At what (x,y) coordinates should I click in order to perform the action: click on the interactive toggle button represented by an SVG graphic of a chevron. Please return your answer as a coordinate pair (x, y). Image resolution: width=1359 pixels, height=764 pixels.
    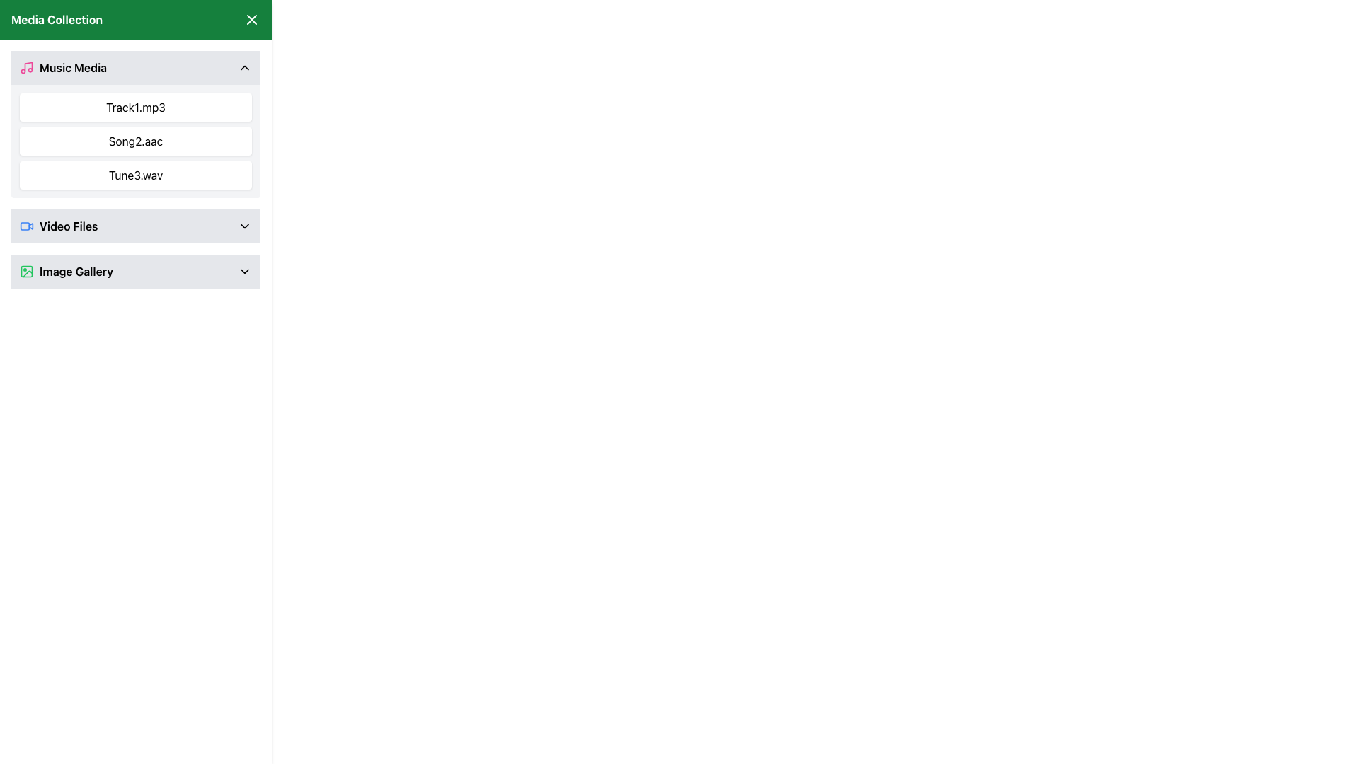
    Looking at the image, I should click on (244, 226).